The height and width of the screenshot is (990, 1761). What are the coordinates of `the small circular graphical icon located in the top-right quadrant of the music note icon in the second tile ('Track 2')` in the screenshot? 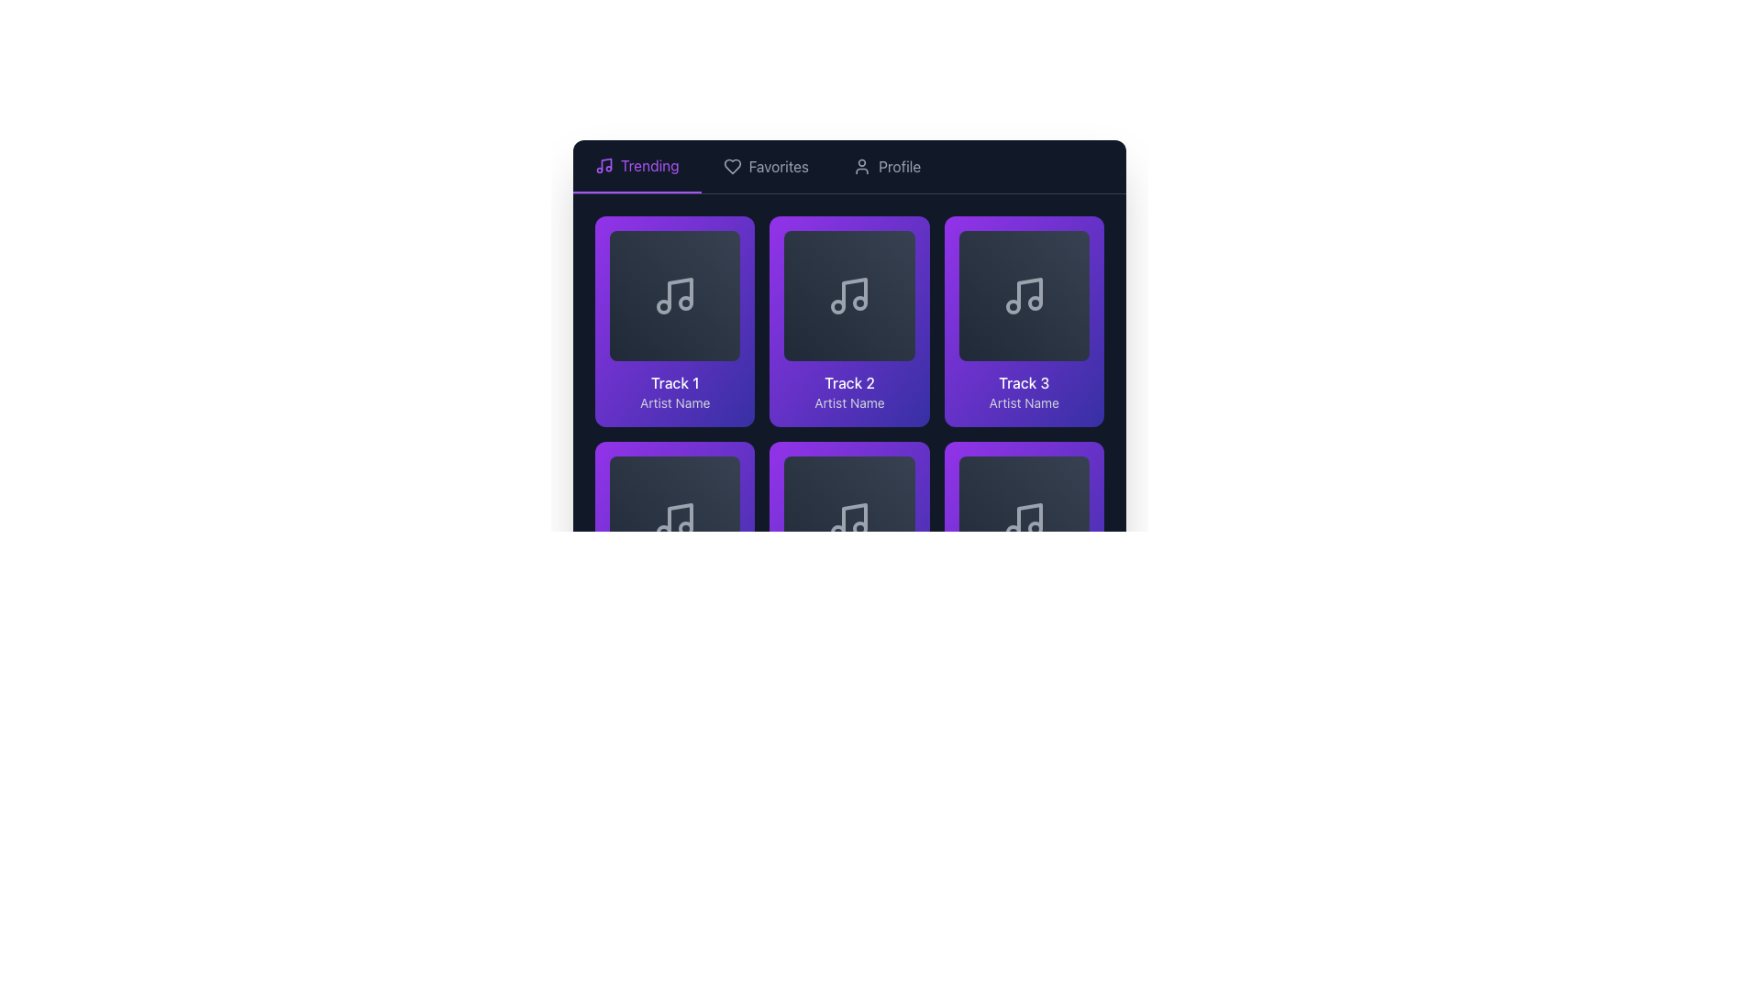 It's located at (859, 302).